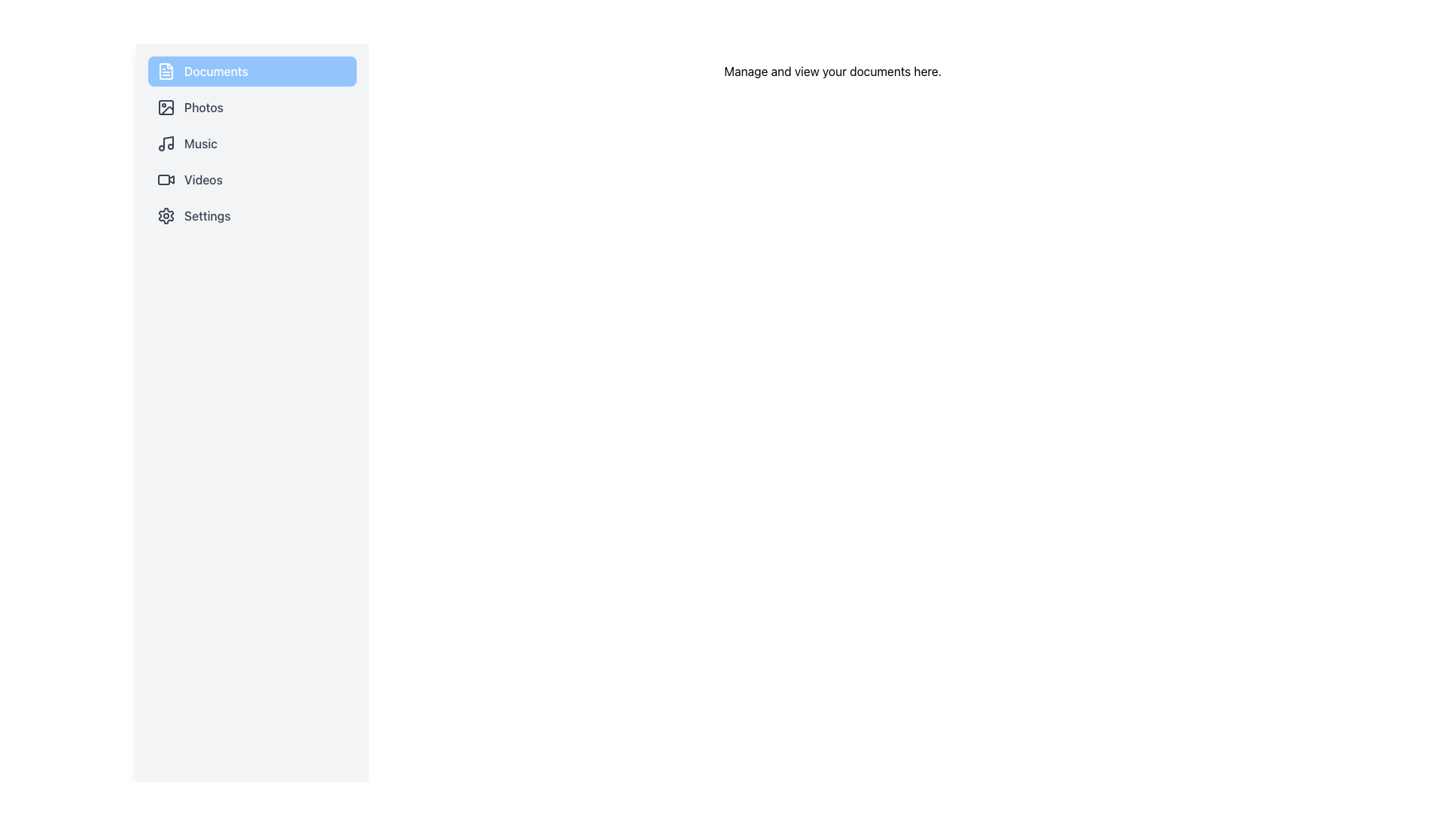 The height and width of the screenshot is (813, 1445). Describe the element at coordinates (252, 144) in the screenshot. I see `the menu item labeled 'Music' in the vertical menu on the left side of the interface` at that location.